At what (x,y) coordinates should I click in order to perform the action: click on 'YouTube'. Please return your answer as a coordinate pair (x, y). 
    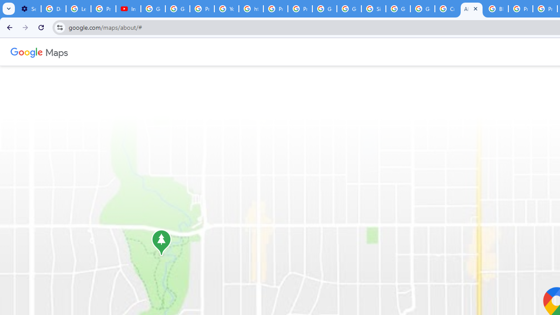
    Looking at the image, I should click on (227, 9).